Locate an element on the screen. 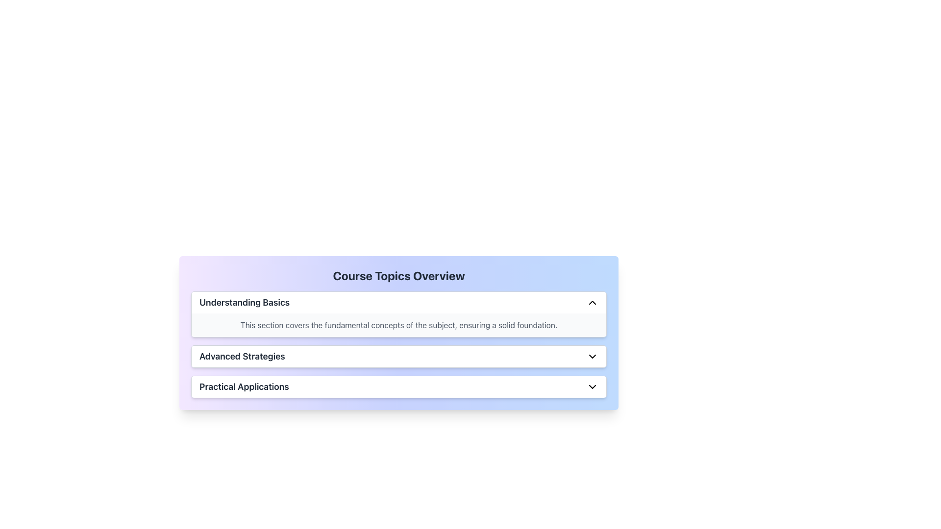  the 'Advanced Strategies' text label element, which is styled in bold and large font is located at coordinates (242, 357).